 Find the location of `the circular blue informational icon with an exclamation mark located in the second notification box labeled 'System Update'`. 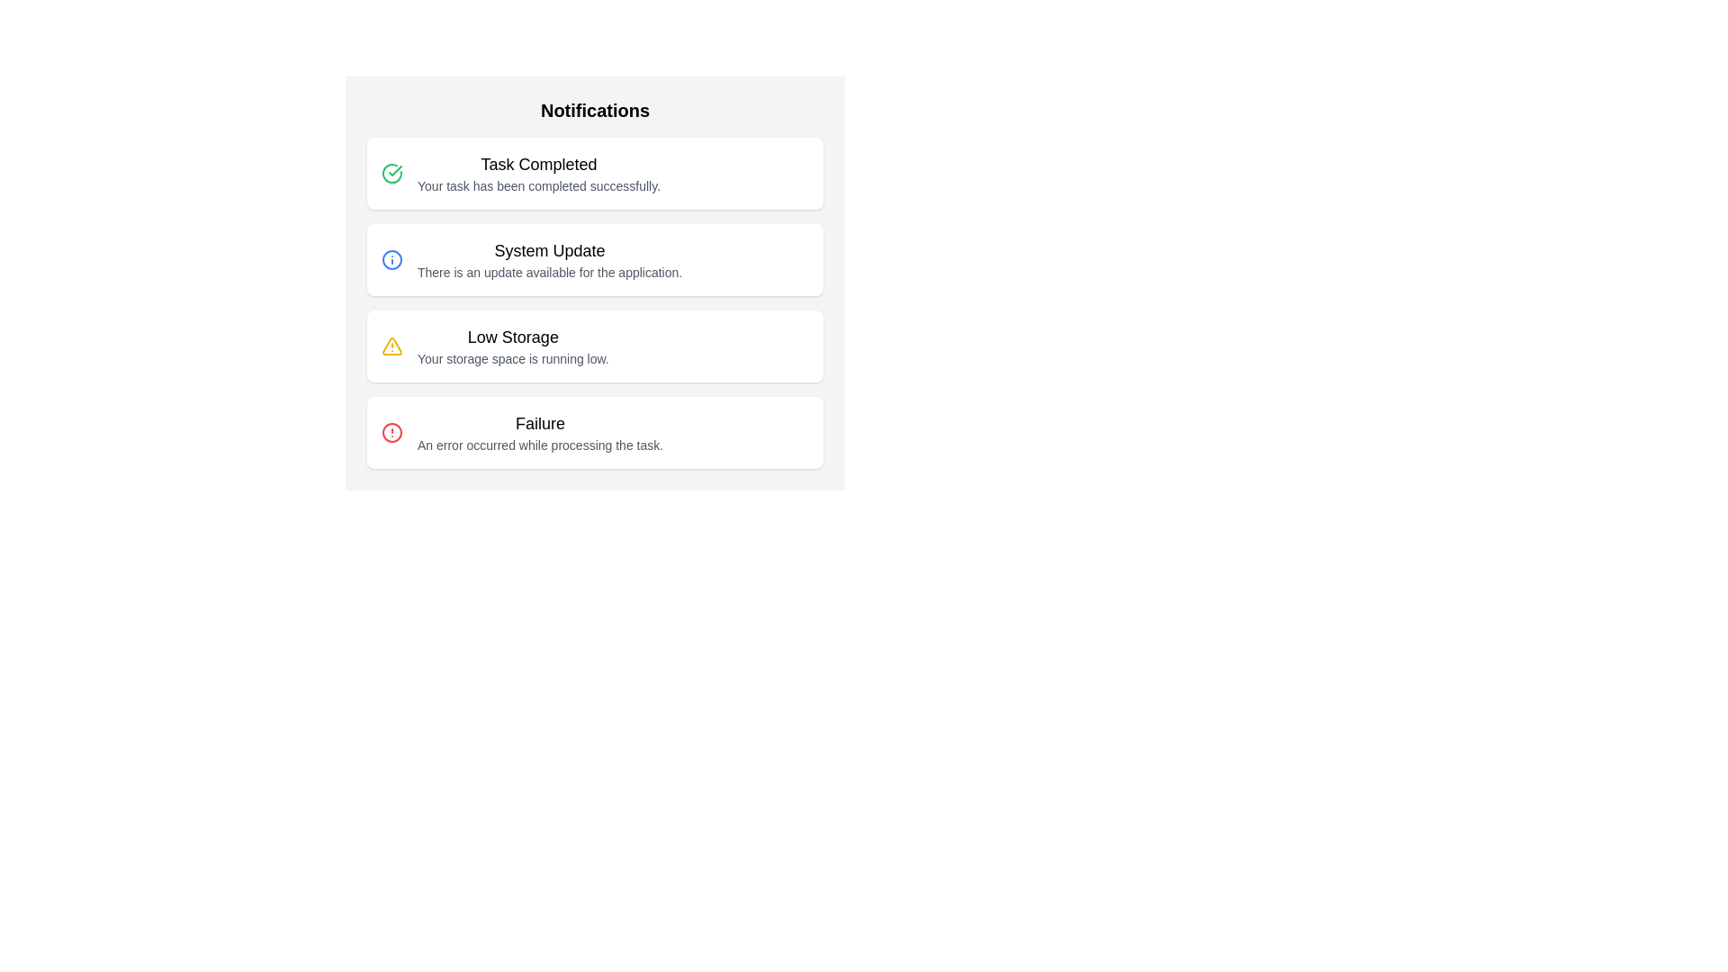

the circular blue informational icon with an exclamation mark located in the second notification box labeled 'System Update' is located at coordinates (391, 260).